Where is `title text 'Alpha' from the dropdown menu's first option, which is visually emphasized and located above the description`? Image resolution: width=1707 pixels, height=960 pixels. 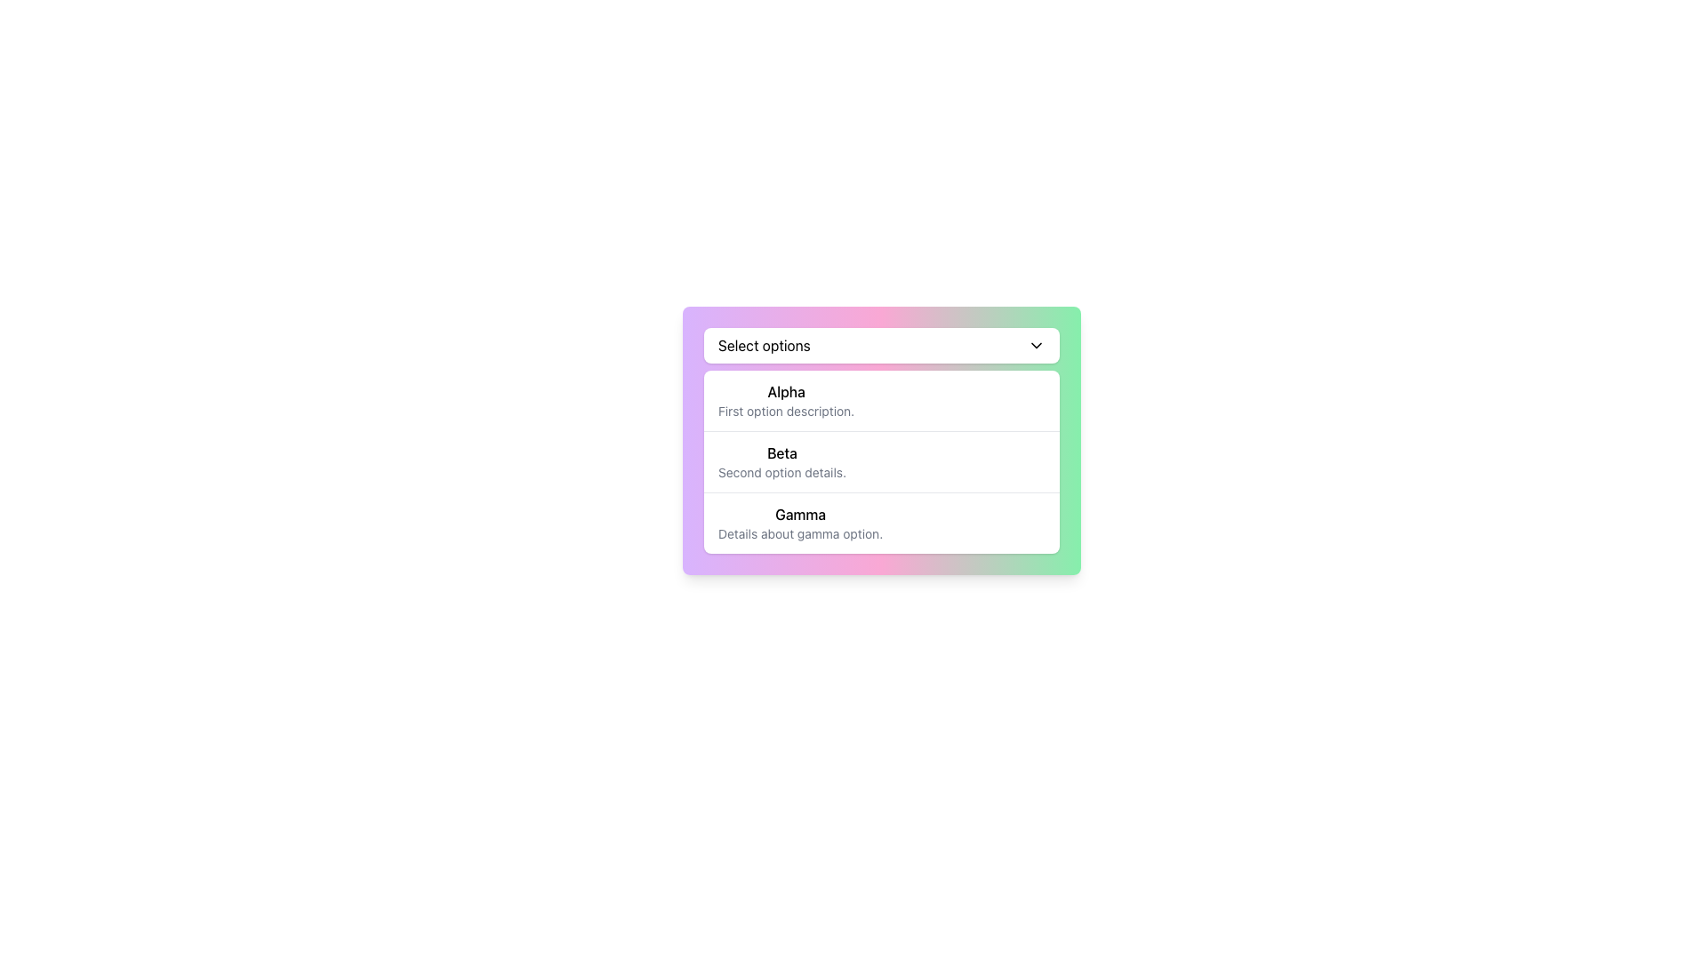
title text 'Alpha' from the dropdown menu's first option, which is visually emphasized and located above the description is located at coordinates (785, 390).